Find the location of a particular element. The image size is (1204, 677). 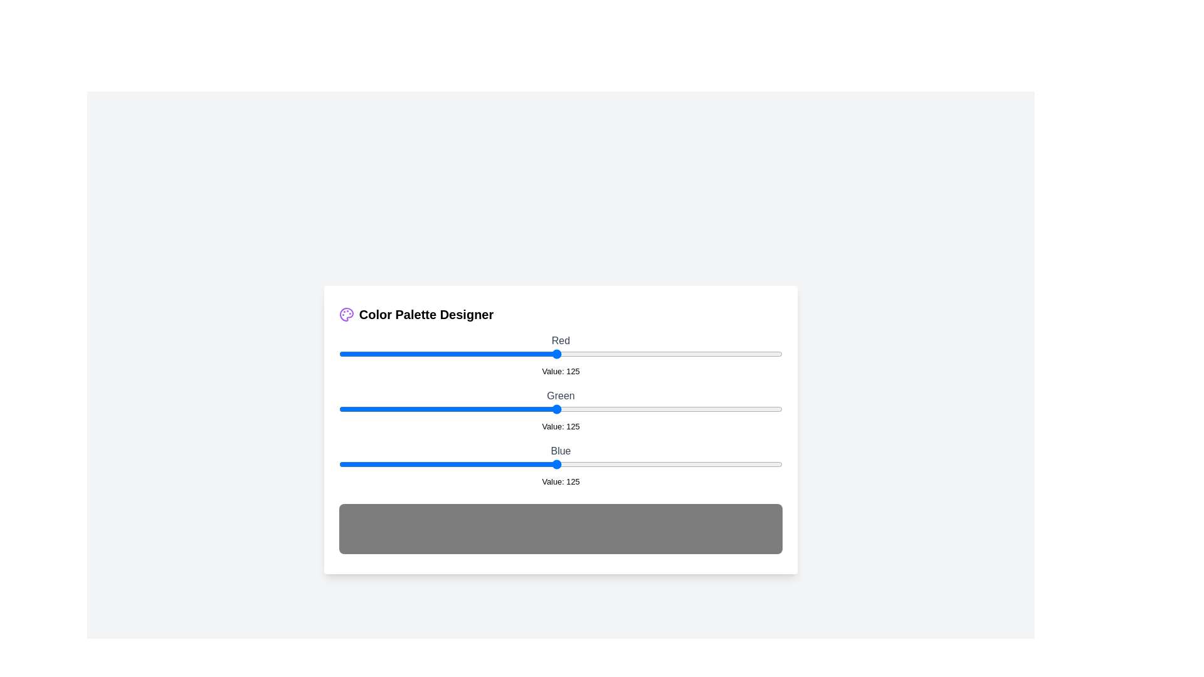

the 1 slider to 87 is located at coordinates (490, 409).